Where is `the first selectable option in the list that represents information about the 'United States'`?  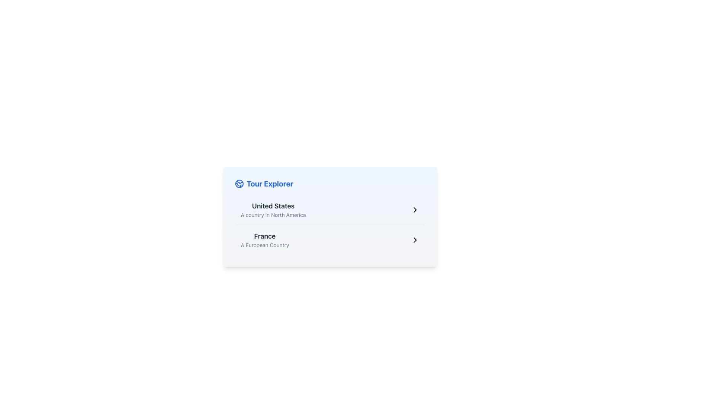
the first selectable option in the list that represents information about the 'United States' is located at coordinates (330, 210).